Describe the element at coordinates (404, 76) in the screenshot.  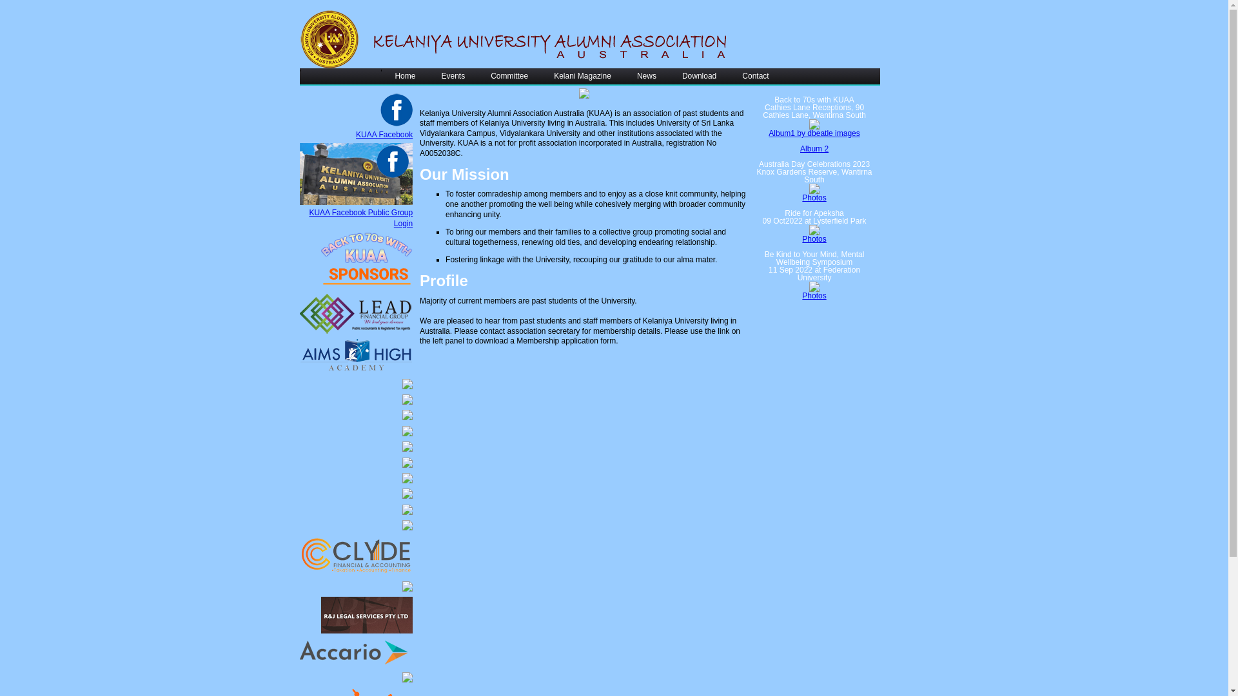
I see `'Home'` at that location.